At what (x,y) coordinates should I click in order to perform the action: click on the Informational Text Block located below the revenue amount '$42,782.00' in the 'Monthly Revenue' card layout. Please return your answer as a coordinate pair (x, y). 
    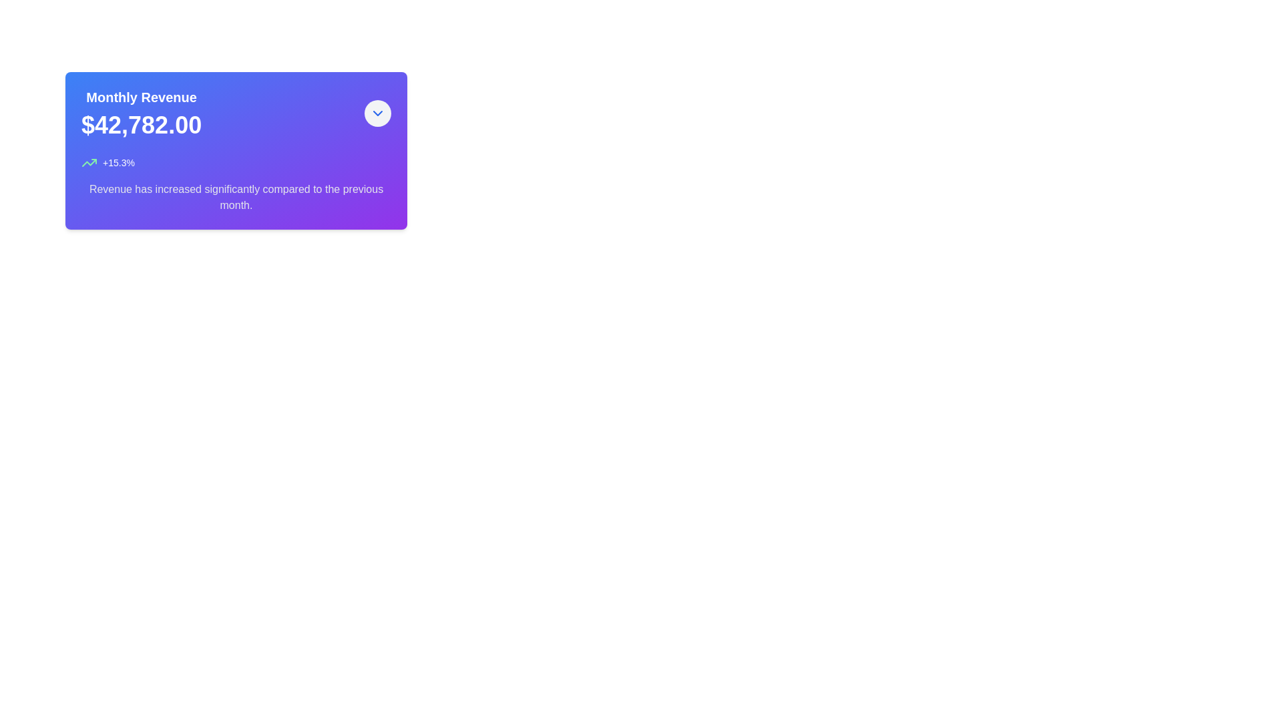
    Looking at the image, I should click on (236, 184).